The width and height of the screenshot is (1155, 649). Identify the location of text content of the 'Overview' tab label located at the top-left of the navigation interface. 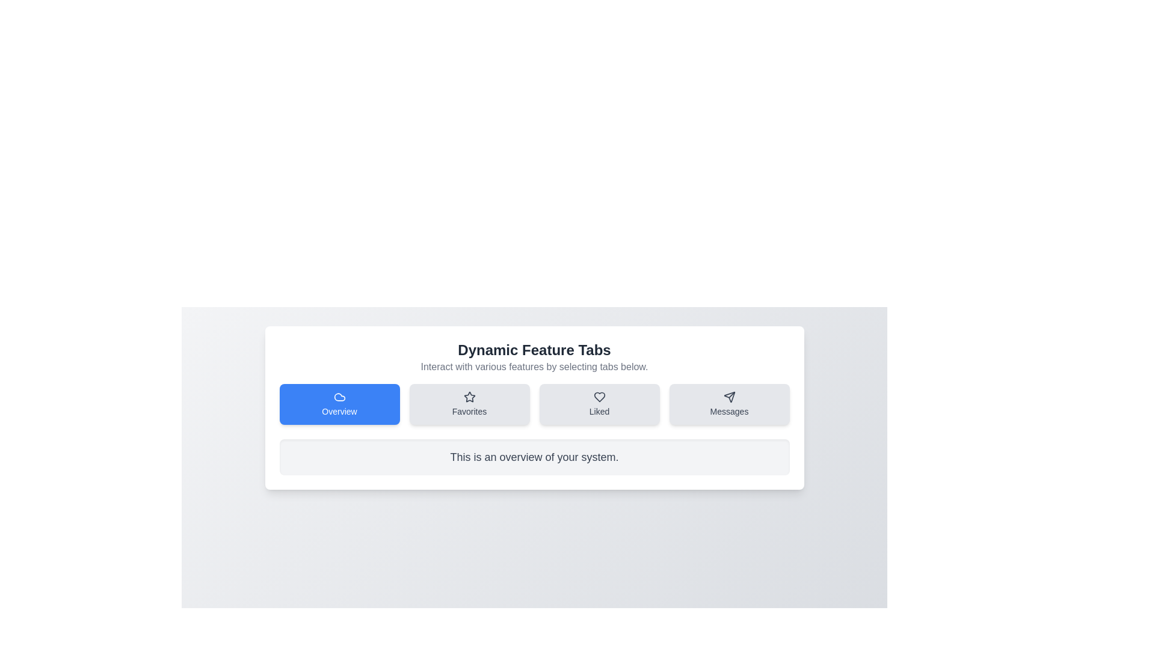
(339, 411).